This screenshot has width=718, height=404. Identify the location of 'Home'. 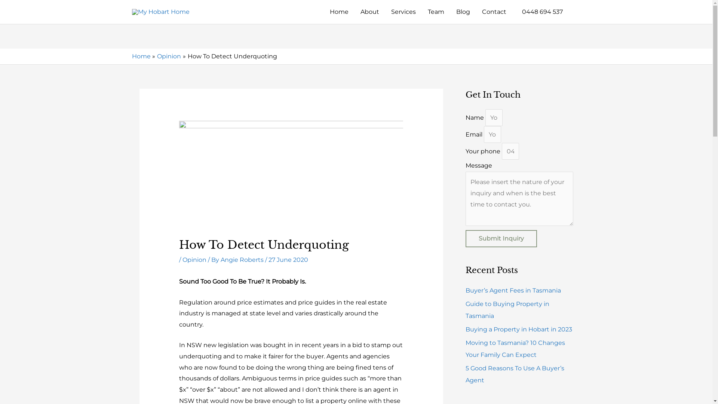
(141, 56).